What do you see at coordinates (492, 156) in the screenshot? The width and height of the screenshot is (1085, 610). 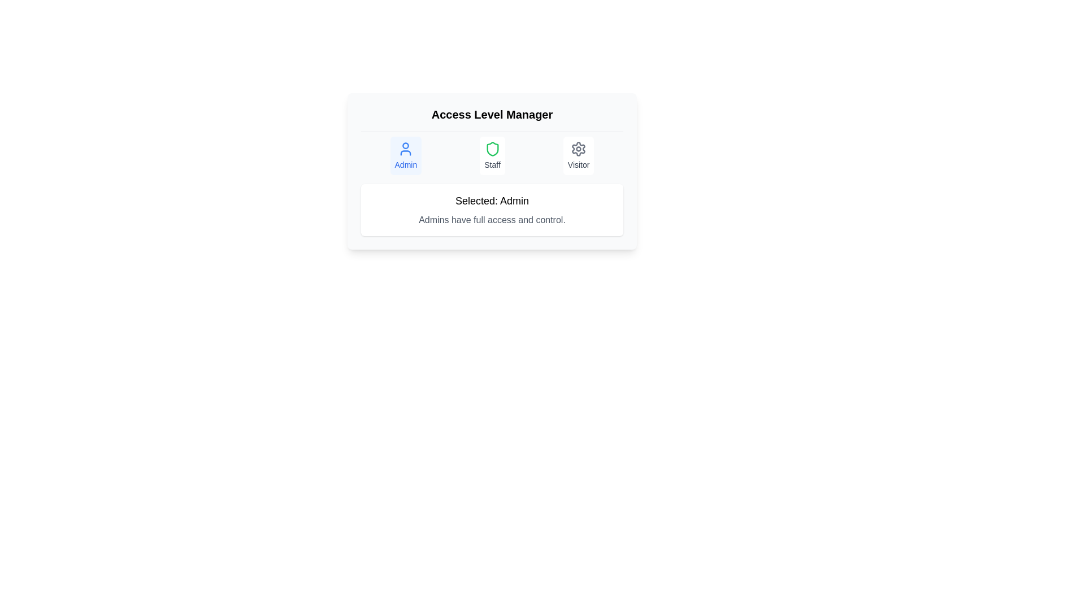 I see `the 'Staff' button located in the 'Access Level Manager' section` at bounding box center [492, 156].